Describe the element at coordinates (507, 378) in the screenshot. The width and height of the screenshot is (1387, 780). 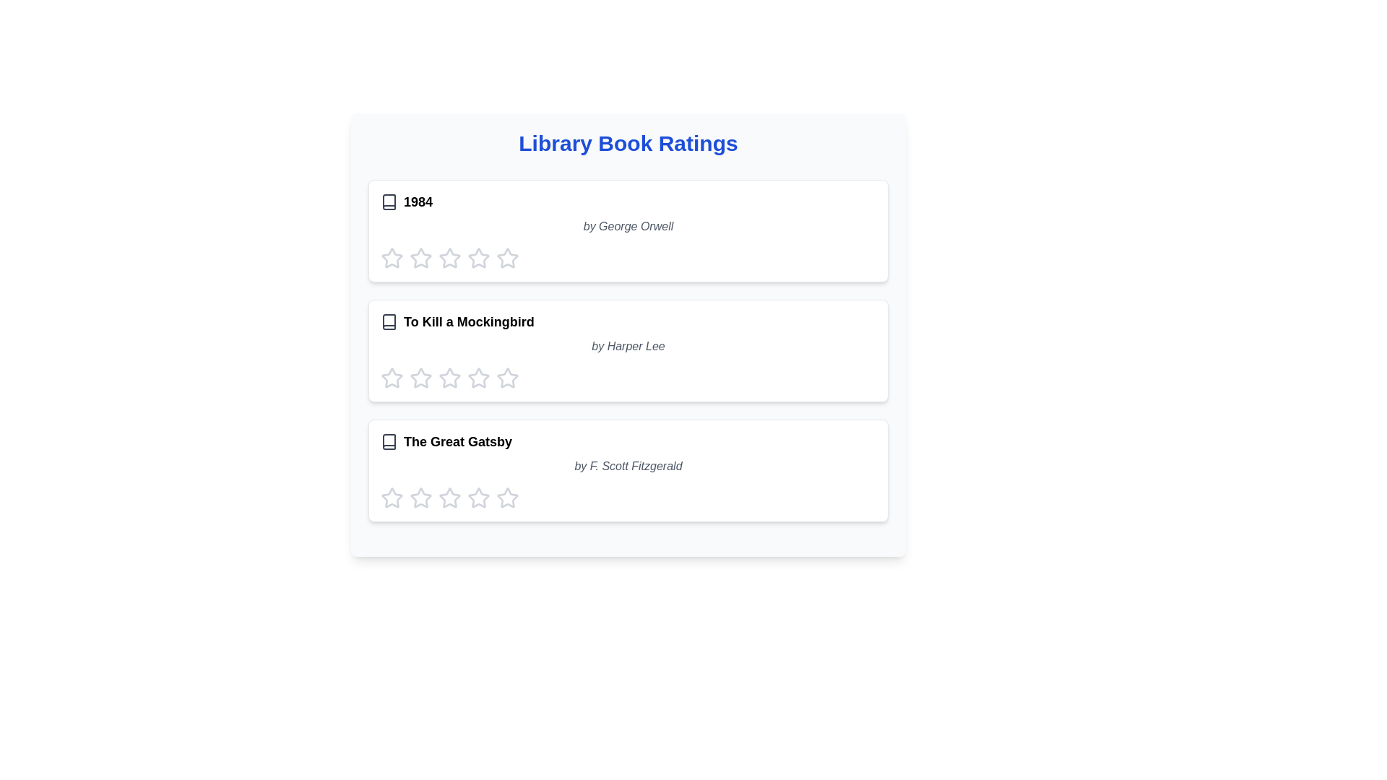
I see `the fifth star-shaped rating button for 'To Kill a Mockingbird' to observe the animation effect` at that location.